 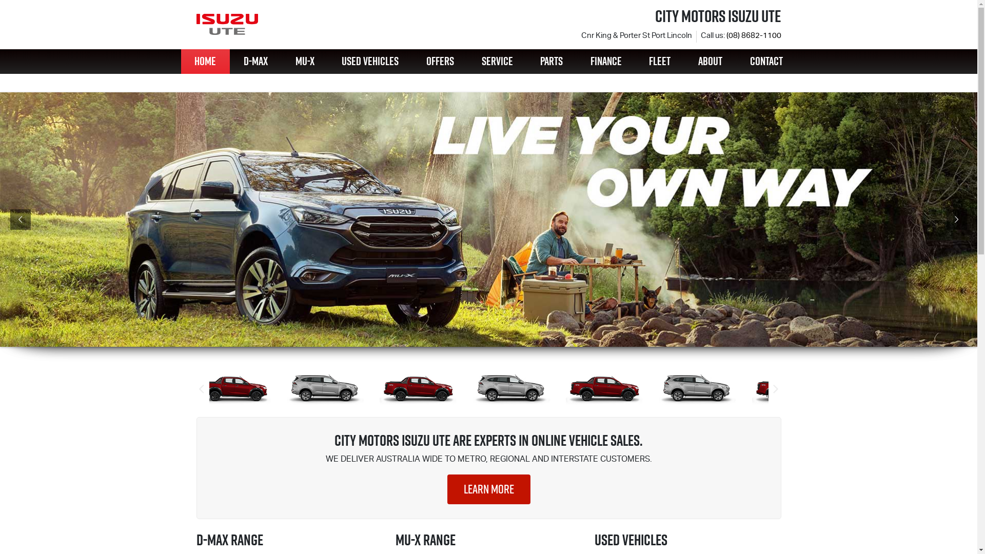 What do you see at coordinates (488, 488) in the screenshot?
I see `'LEARN MORE'` at bounding box center [488, 488].